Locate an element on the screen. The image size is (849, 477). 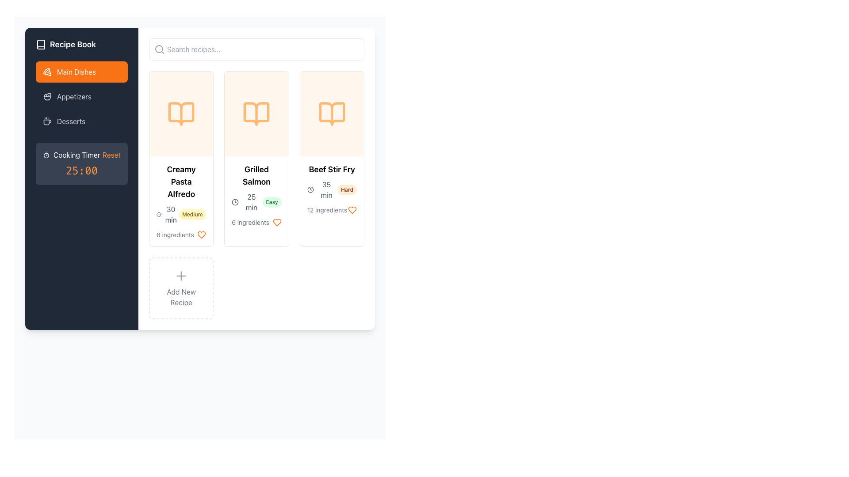
the 'Appetizers' menu item in the vertical navigation menu is located at coordinates (82, 97).